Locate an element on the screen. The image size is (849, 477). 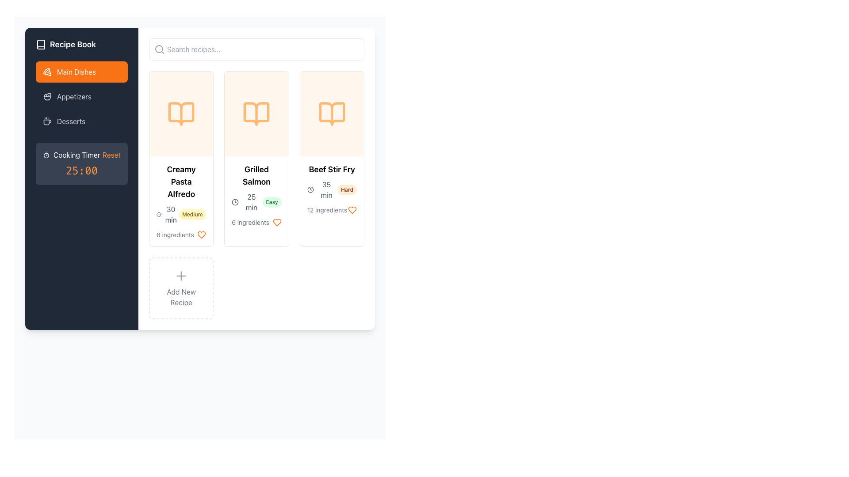
the 'Appetizers' menu item in the vertical navigation menu is located at coordinates (82, 97).